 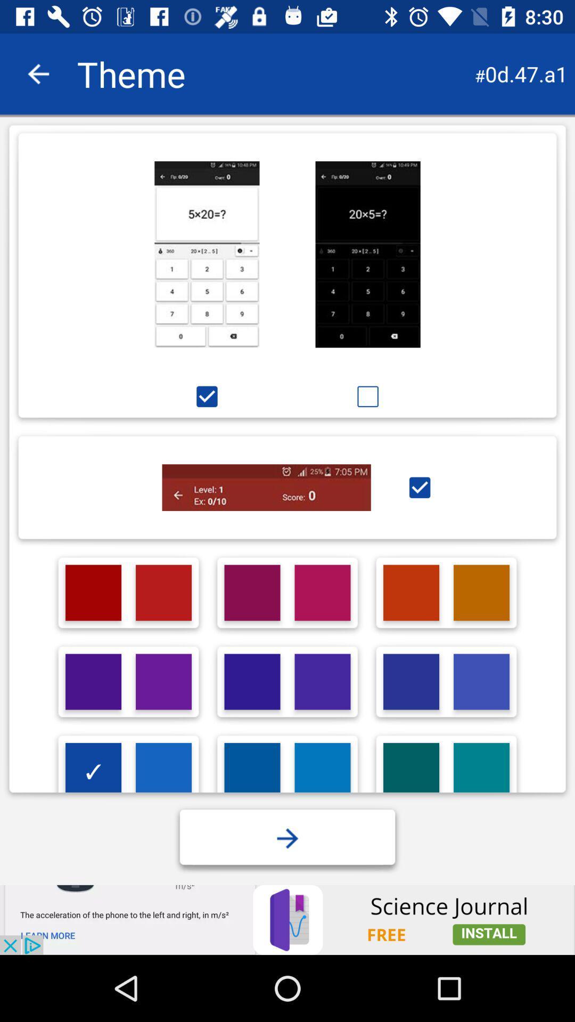 I want to click on choose a colour, so click(x=481, y=682).